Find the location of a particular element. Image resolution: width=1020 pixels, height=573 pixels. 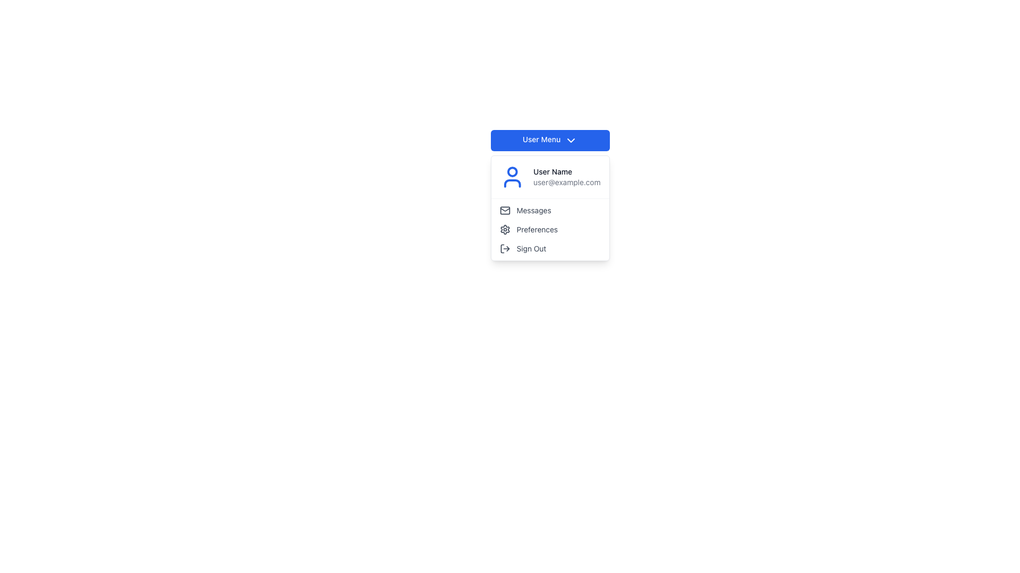

the user profile SVG icon located at the top left corner of the dropdown menu that appears after clicking the 'User Menu' button is located at coordinates (512, 183).